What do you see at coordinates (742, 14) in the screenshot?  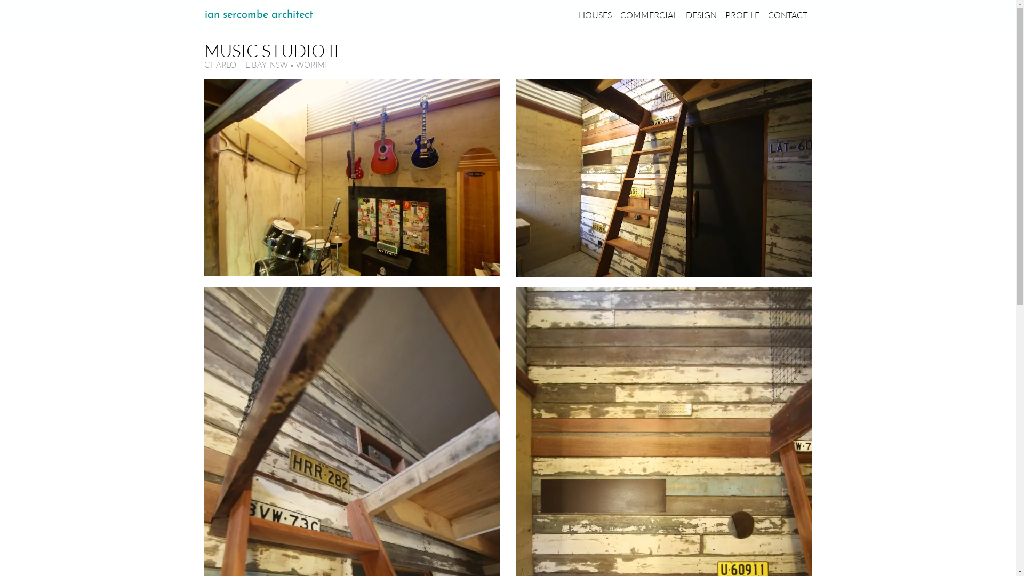 I see `'PROFILE'` at bounding box center [742, 14].